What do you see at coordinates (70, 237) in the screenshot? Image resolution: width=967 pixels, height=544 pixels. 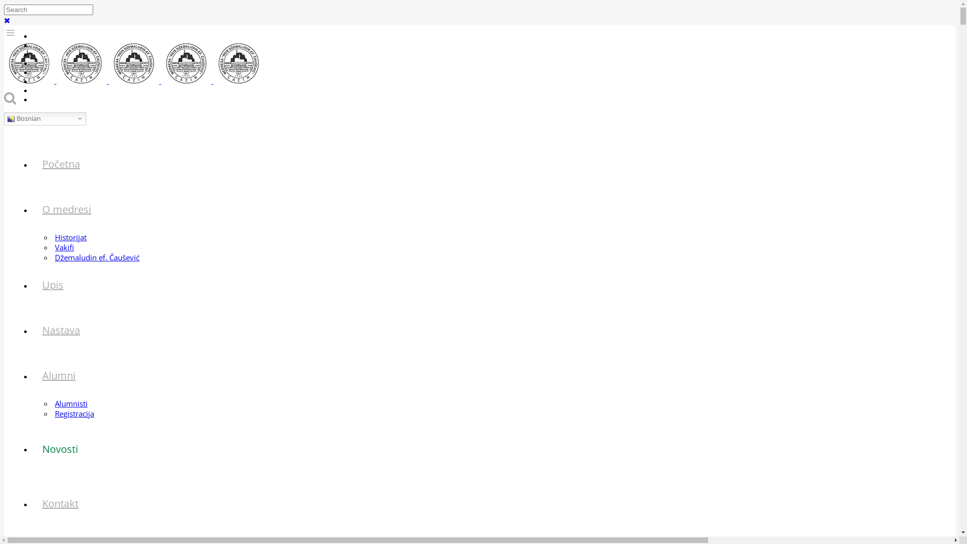 I see `'Historijat'` at bounding box center [70, 237].